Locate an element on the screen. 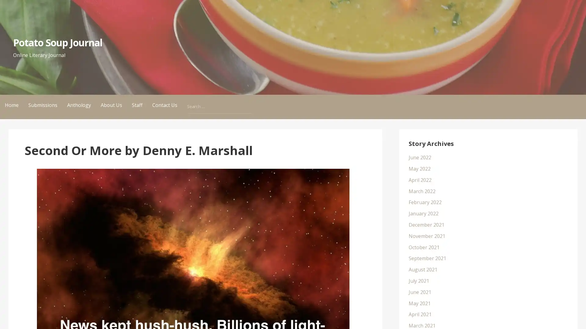  Search is located at coordinates (250, 101).